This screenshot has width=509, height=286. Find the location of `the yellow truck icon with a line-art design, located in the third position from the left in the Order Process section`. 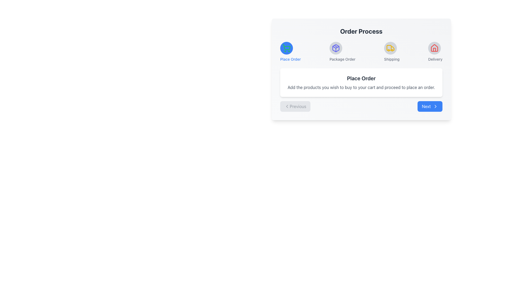

the yellow truck icon with a line-art design, located in the third position from the left in the Order Process section is located at coordinates (390, 48).